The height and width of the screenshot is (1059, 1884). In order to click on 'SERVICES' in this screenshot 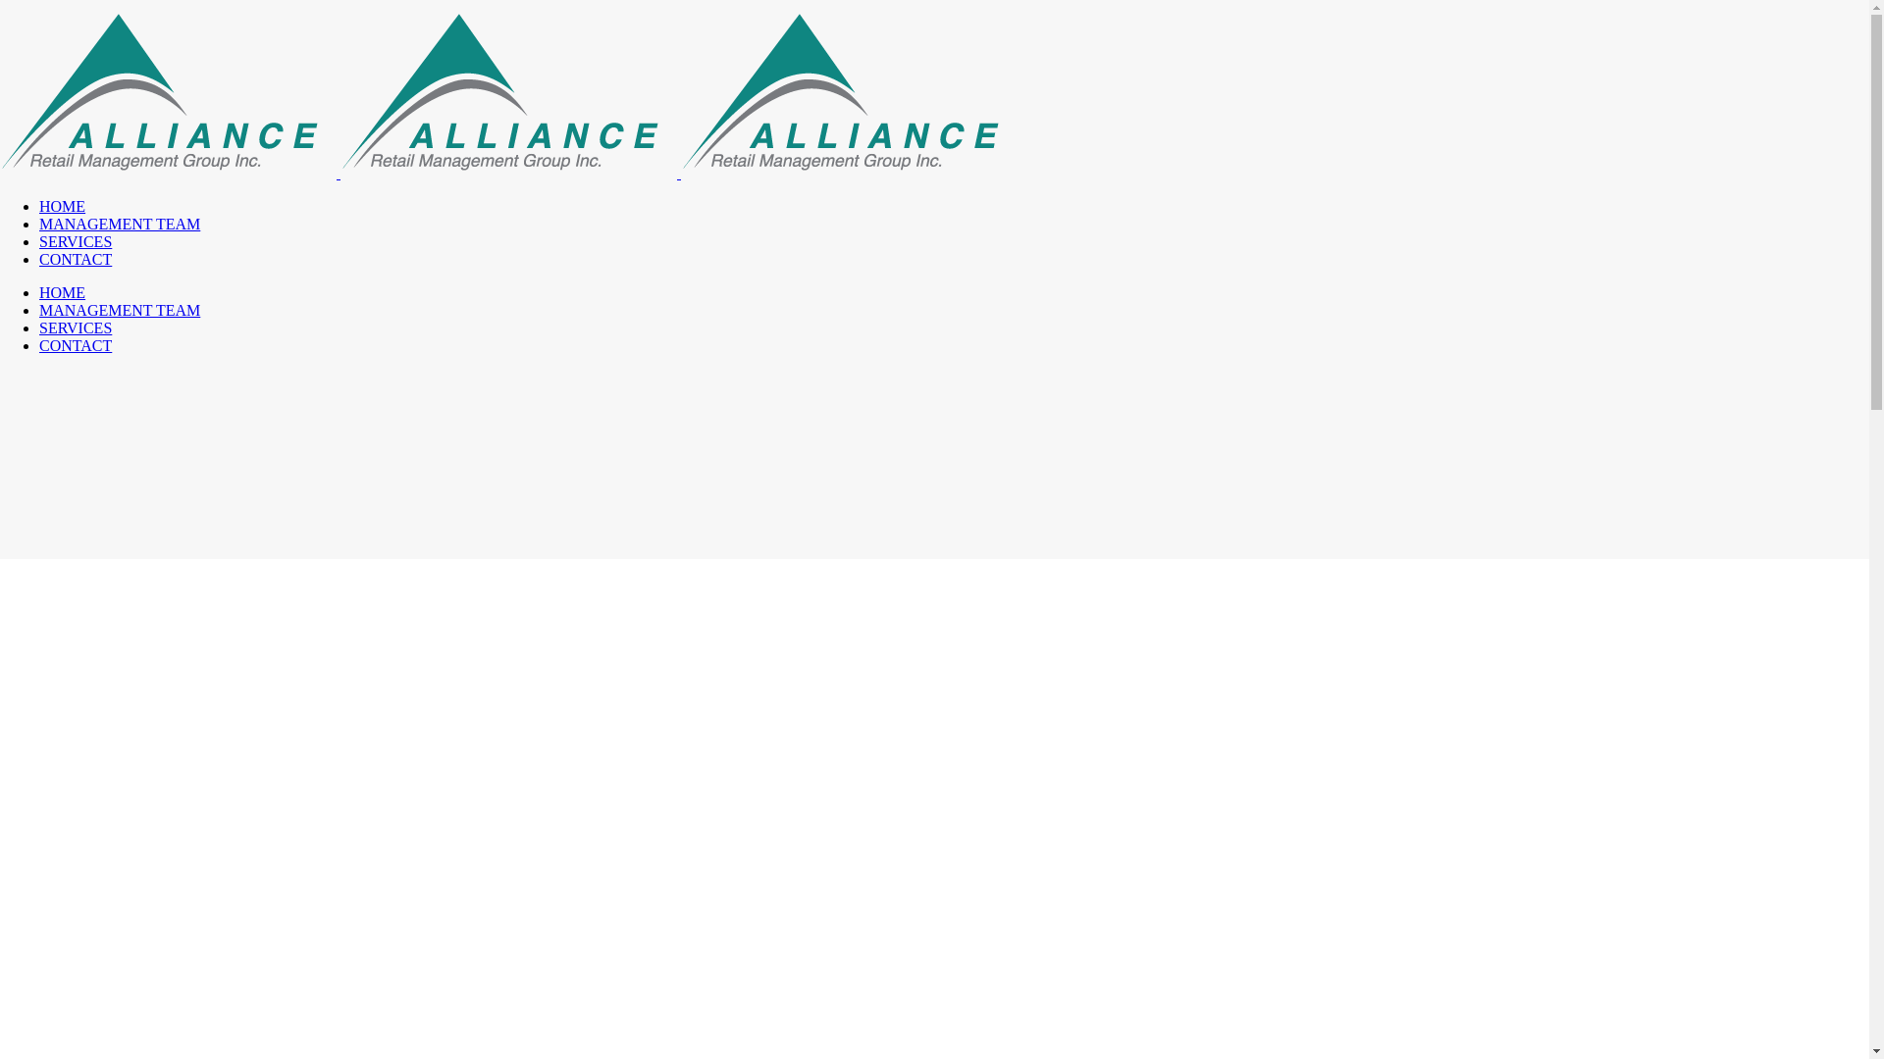, I will do `click(38, 327)`.